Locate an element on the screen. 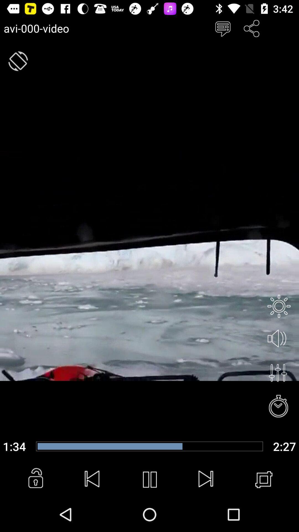 The width and height of the screenshot is (299, 532). the skip_next icon is located at coordinates (206, 479).